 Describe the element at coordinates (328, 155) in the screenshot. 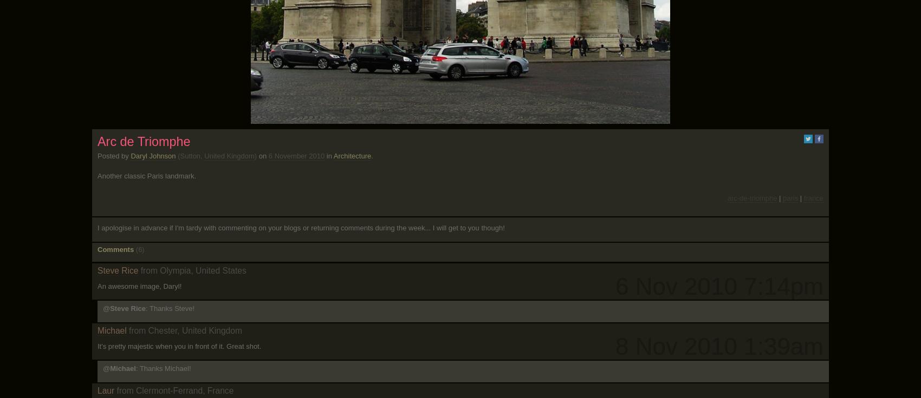

I see `'in'` at that location.